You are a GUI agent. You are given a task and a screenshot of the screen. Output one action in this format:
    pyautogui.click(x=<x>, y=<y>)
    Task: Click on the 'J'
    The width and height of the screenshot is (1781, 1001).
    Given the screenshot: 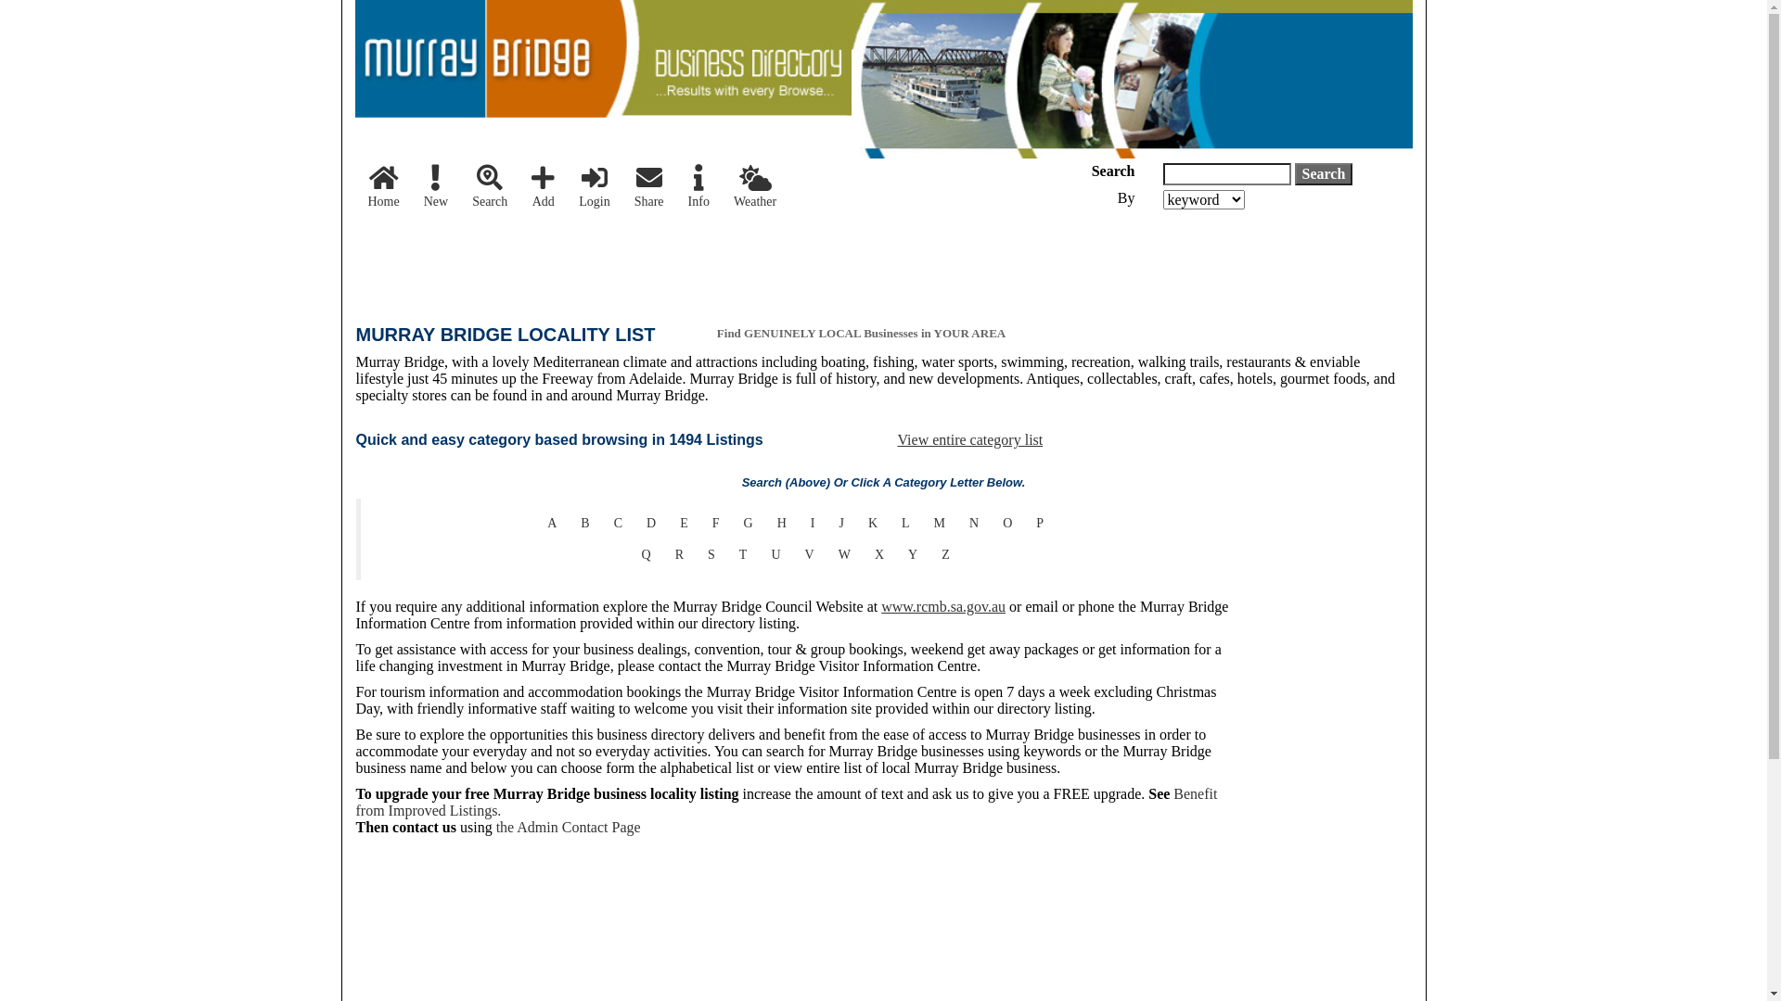 What is the action you would take?
    pyautogui.click(x=839, y=523)
    